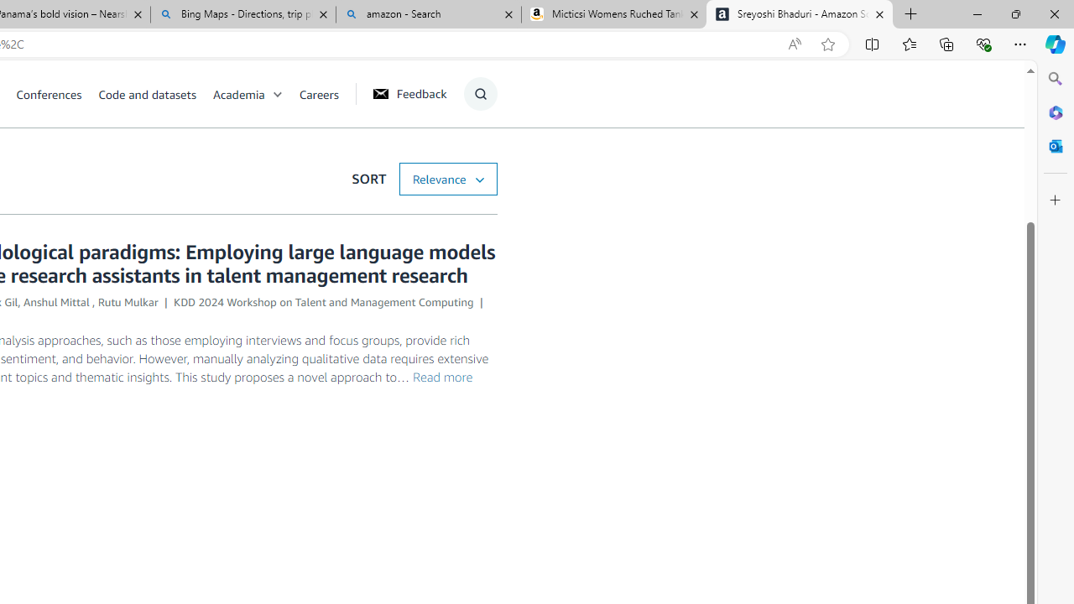 This screenshot has width=1074, height=604. Describe the element at coordinates (319, 93) in the screenshot. I see `'Careers'` at that location.